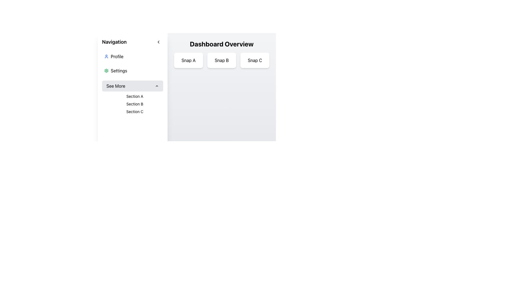  Describe the element at coordinates (106, 70) in the screenshot. I see `the 'Settings' gear icon located in the left-side navigation panel, which is positioned immediately to the left of the text label 'Settings'` at that location.